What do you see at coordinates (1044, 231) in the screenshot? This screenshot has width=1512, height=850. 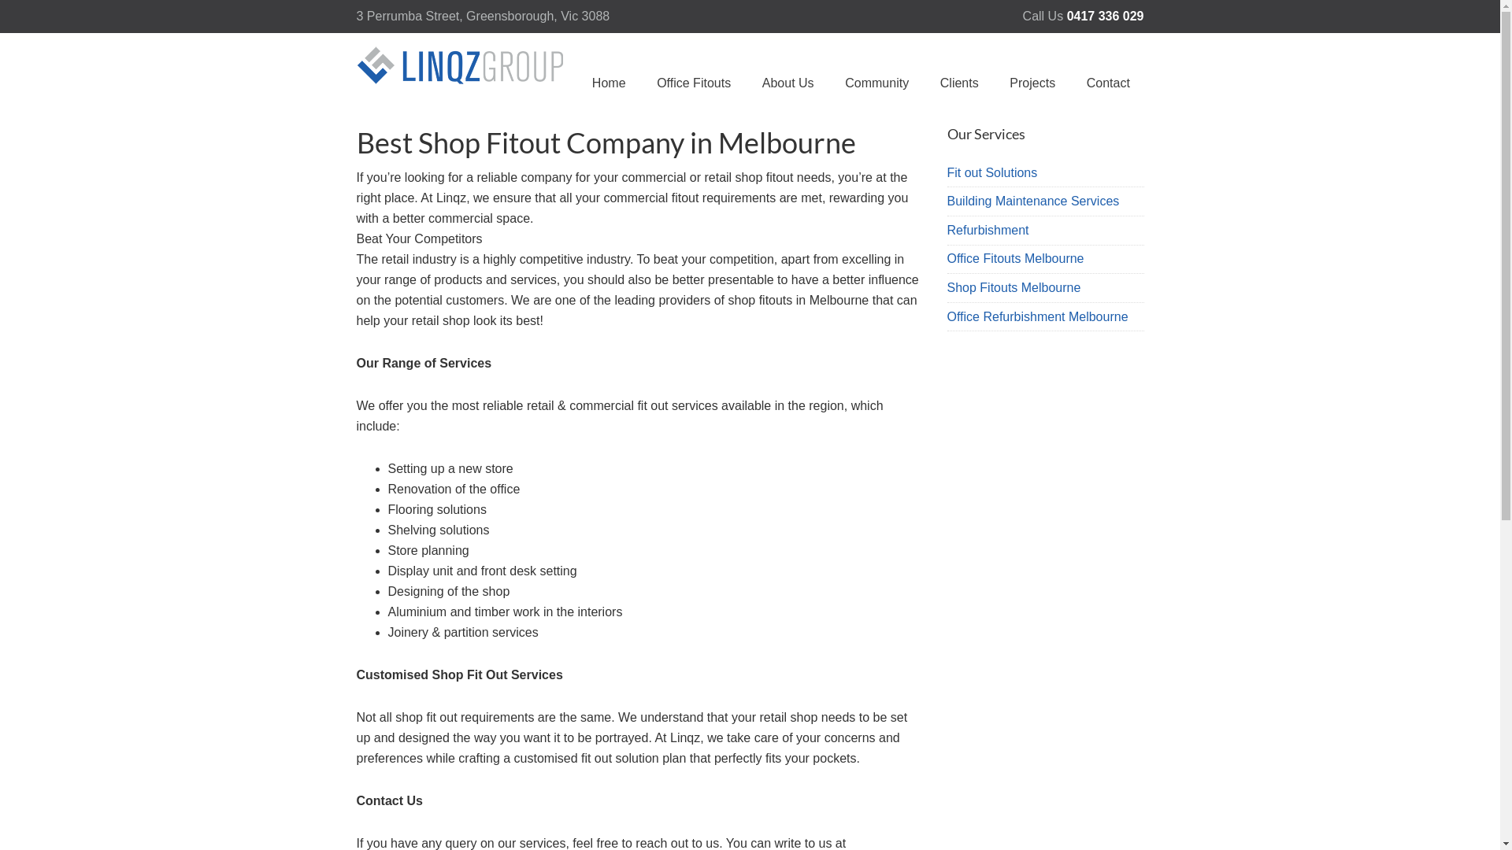 I see `'Refurbishment'` at bounding box center [1044, 231].